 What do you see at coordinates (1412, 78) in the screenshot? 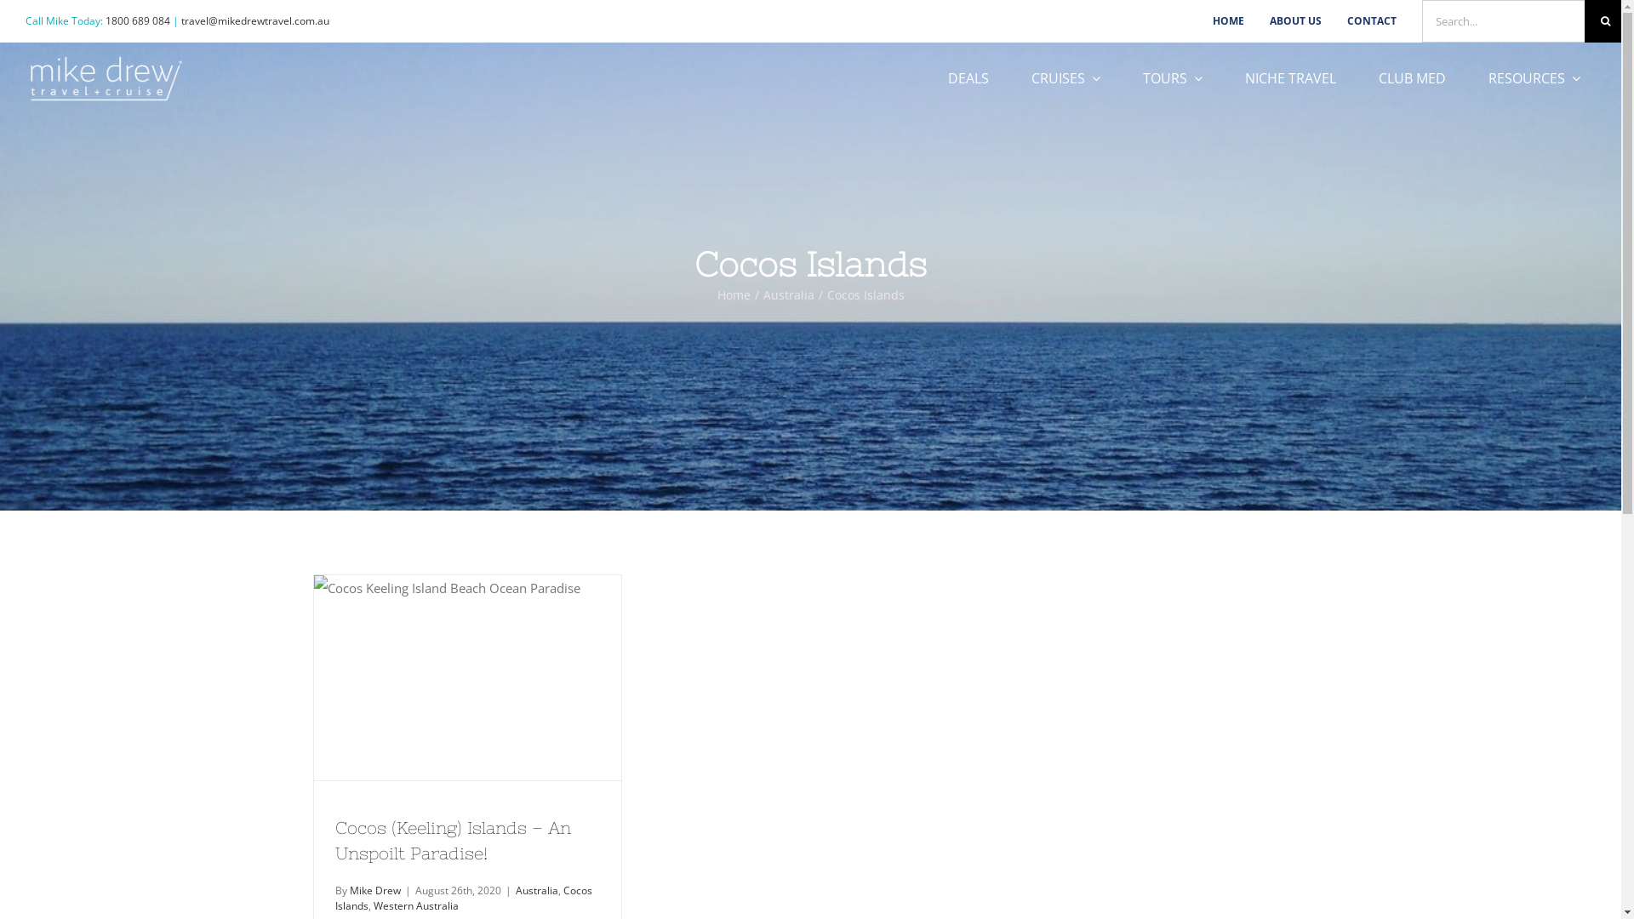
I see `'CLUB MED'` at bounding box center [1412, 78].